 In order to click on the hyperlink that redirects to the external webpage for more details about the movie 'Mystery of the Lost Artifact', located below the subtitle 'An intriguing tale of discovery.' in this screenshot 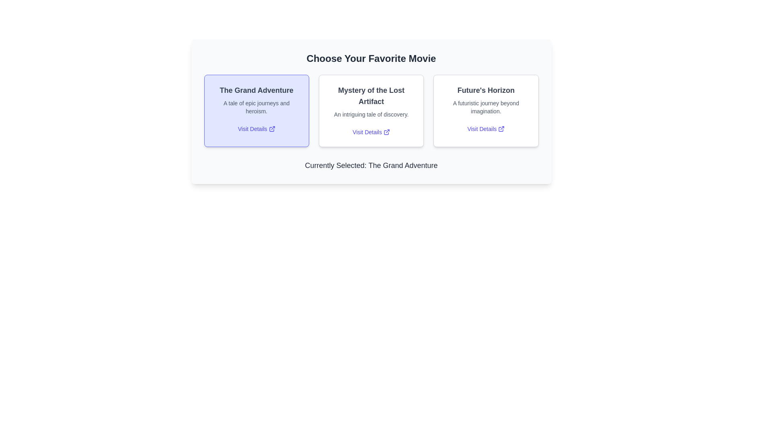, I will do `click(371, 131)`.